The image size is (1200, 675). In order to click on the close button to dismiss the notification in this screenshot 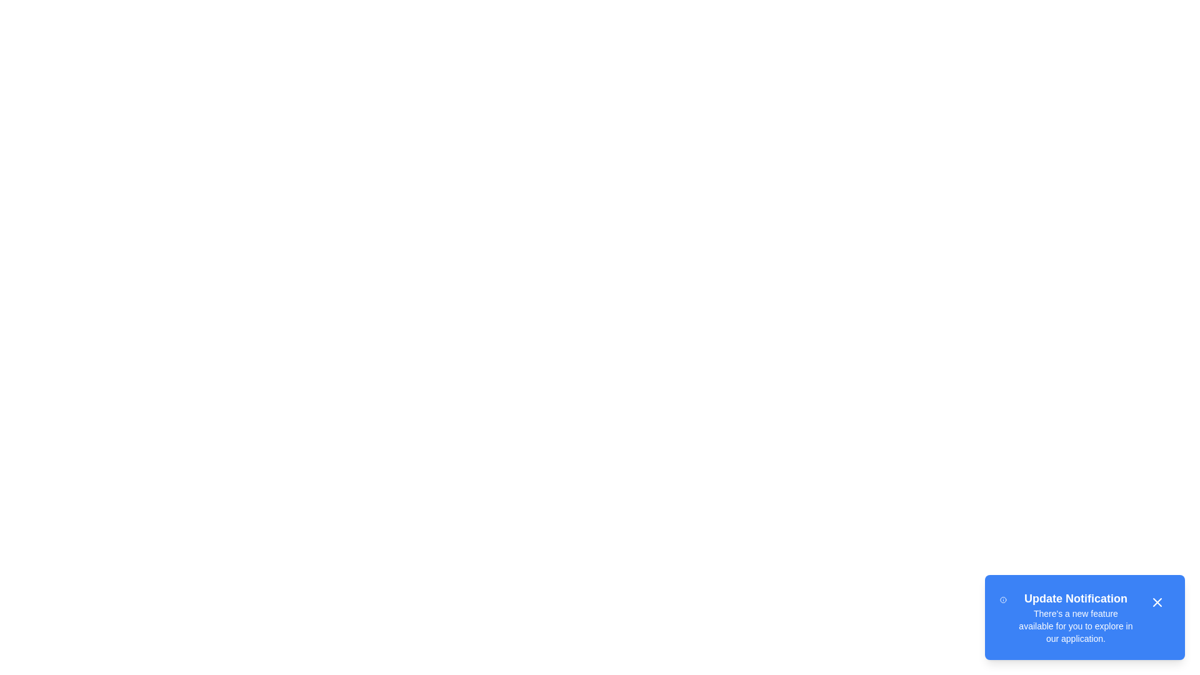, I will do `click(1157, 602)`.